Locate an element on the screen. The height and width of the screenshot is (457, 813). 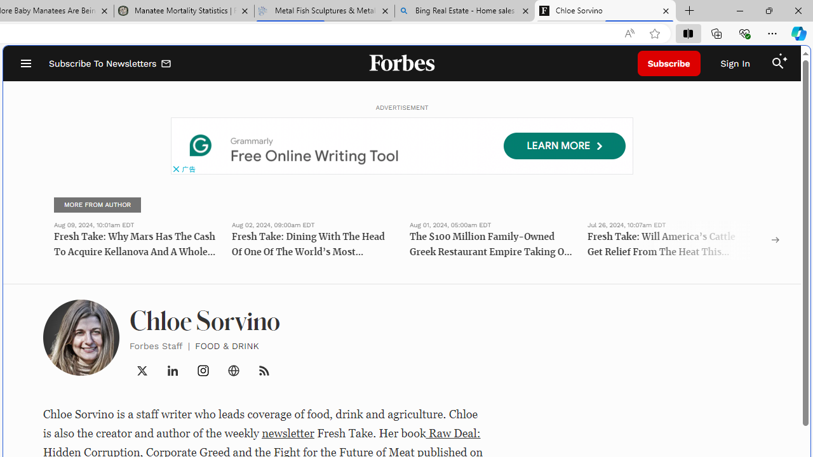
'Manatee Mortality Statistics | FWC' is located at coordinates (184, 11).